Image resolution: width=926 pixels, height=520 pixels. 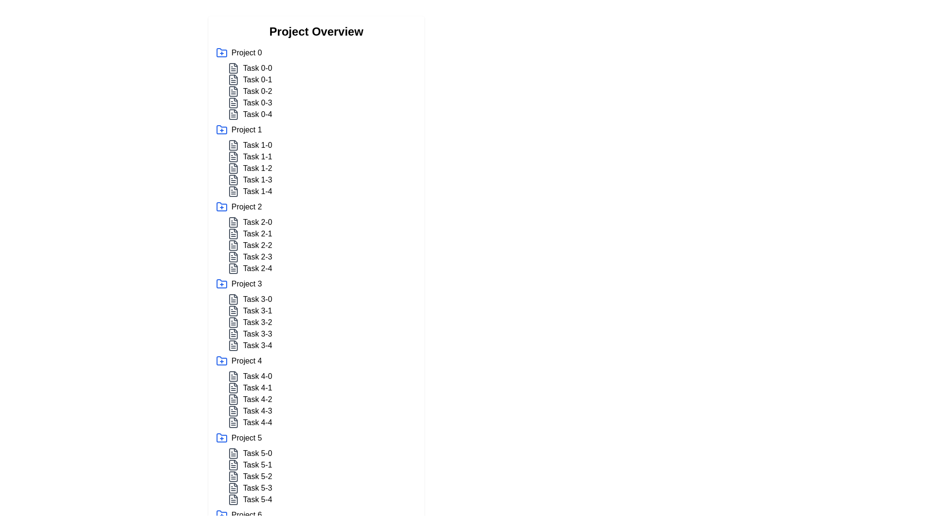 I want to click on the text label displaying 'Task 2-4' which is part of the hierarchical structure titled 'Project 2', positioned as the fifth item in the vertical task list, so click(x=258, y=269).